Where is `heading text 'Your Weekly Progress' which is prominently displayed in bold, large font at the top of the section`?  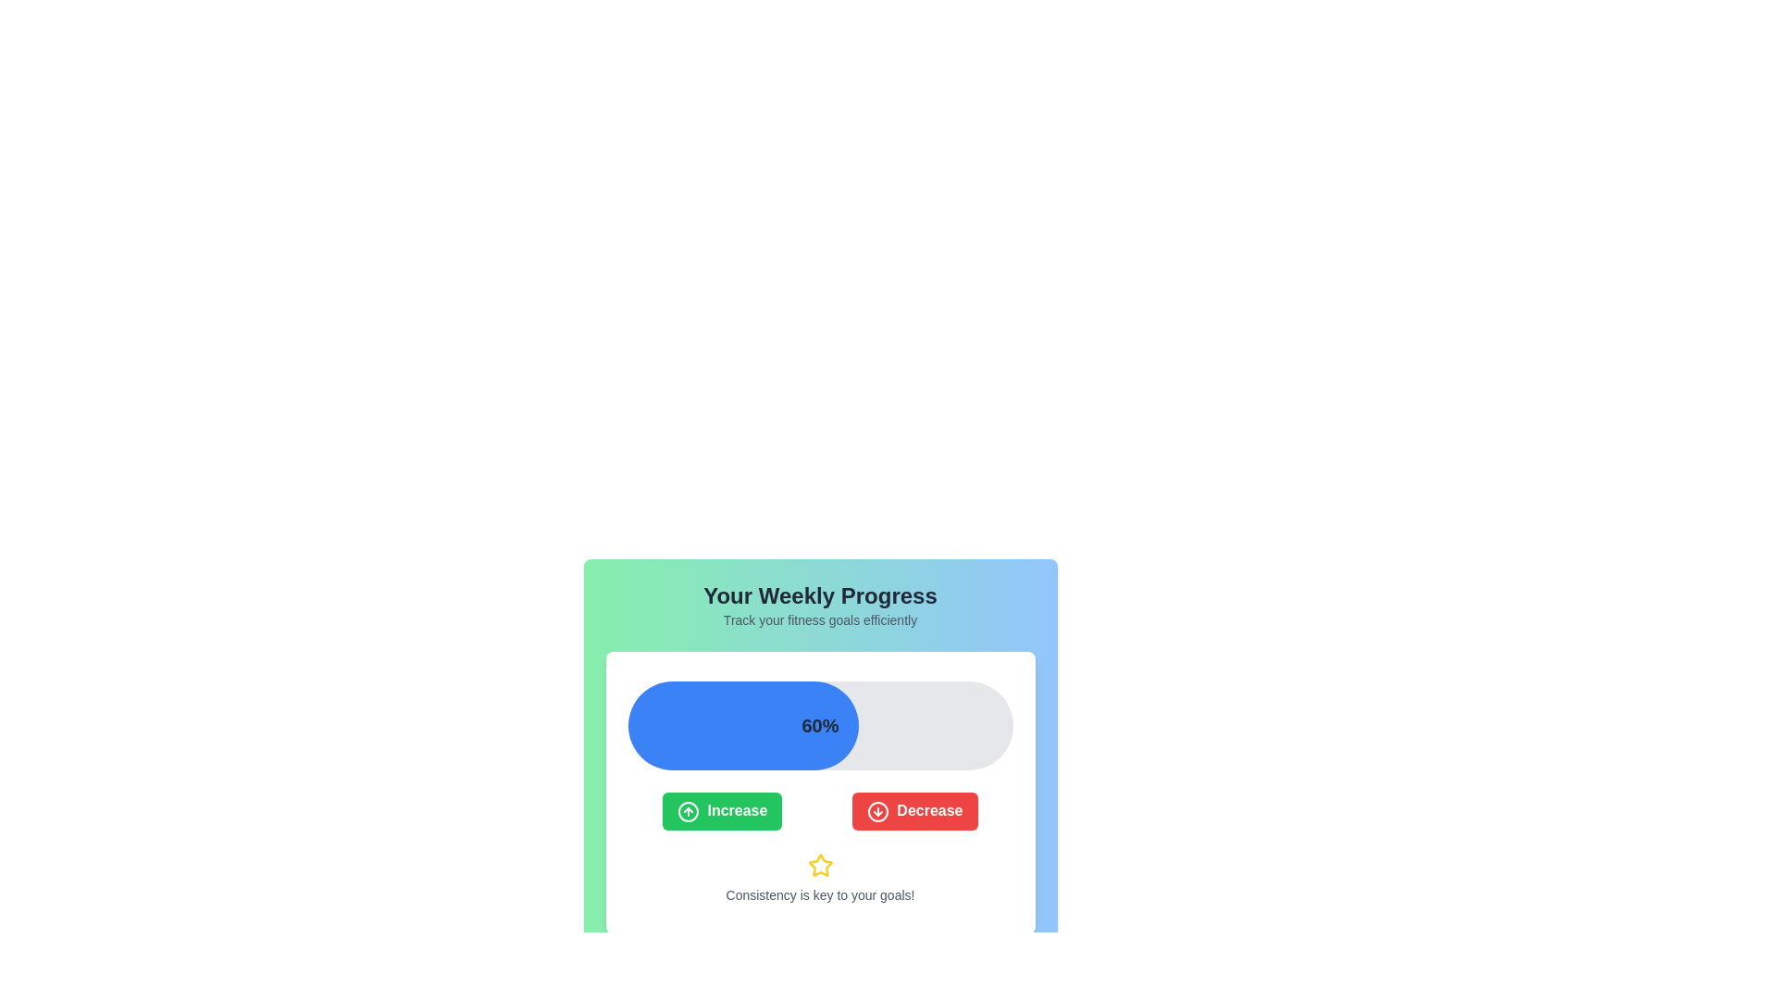 heading text 'Your Weekly Progress' which is prominently displayed in bold, large font at the top of the section is located at coordinates (819, 596).